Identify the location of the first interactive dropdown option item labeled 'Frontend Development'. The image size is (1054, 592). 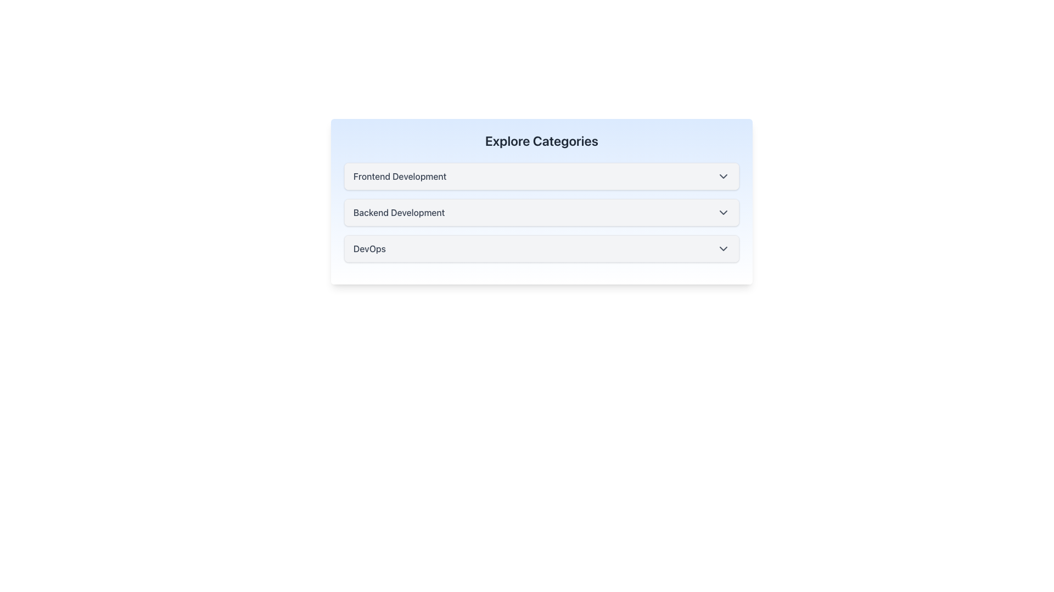
(542, 175).